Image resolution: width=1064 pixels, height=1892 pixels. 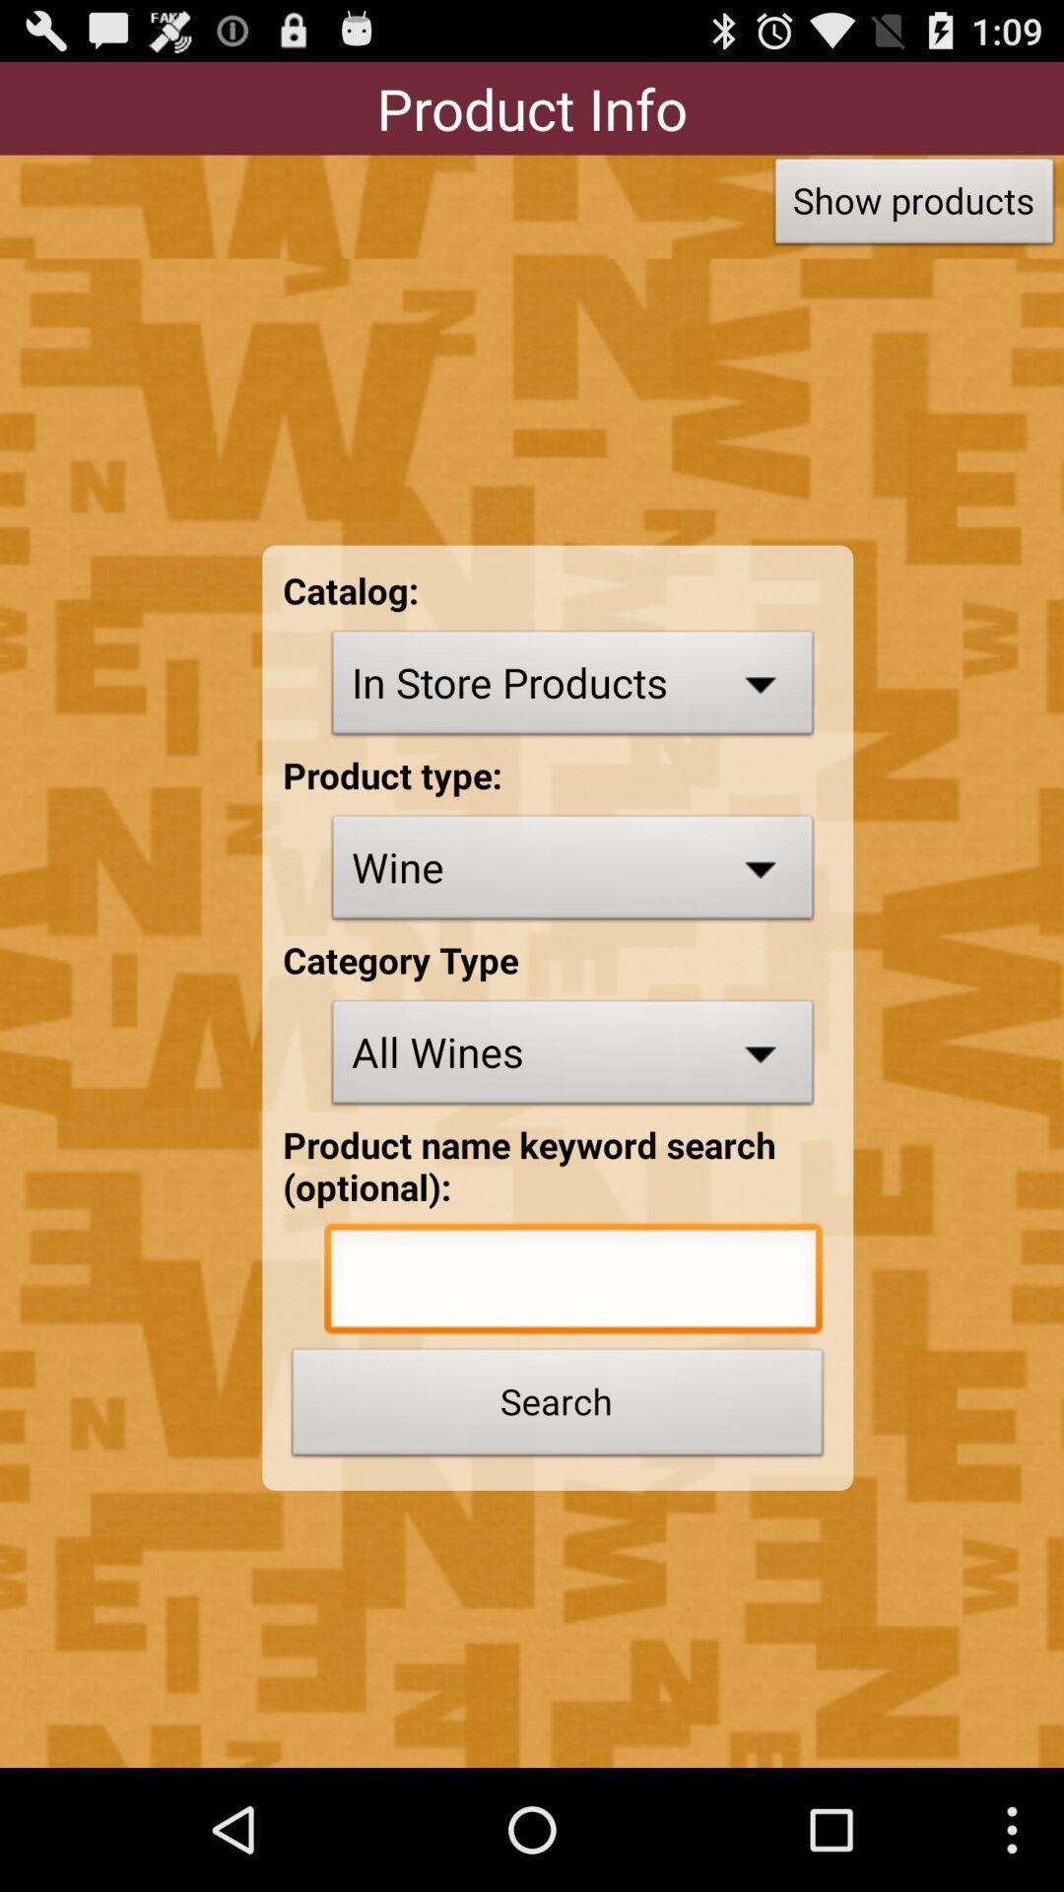 What do you see at coordinates (573, 1283) in the screenshot?
I see `keyword` at bounding box center [573, 1283].